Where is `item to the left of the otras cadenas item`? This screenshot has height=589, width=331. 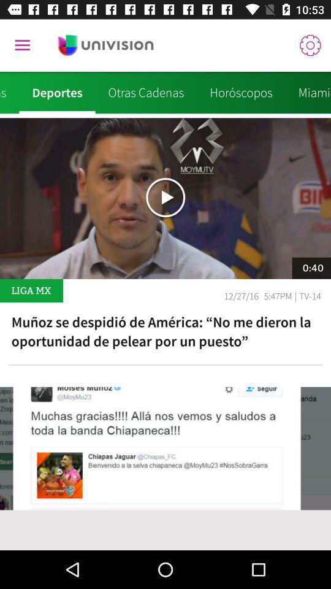 item to the left of the otras cadenas item is located at coordinates (56, 92).